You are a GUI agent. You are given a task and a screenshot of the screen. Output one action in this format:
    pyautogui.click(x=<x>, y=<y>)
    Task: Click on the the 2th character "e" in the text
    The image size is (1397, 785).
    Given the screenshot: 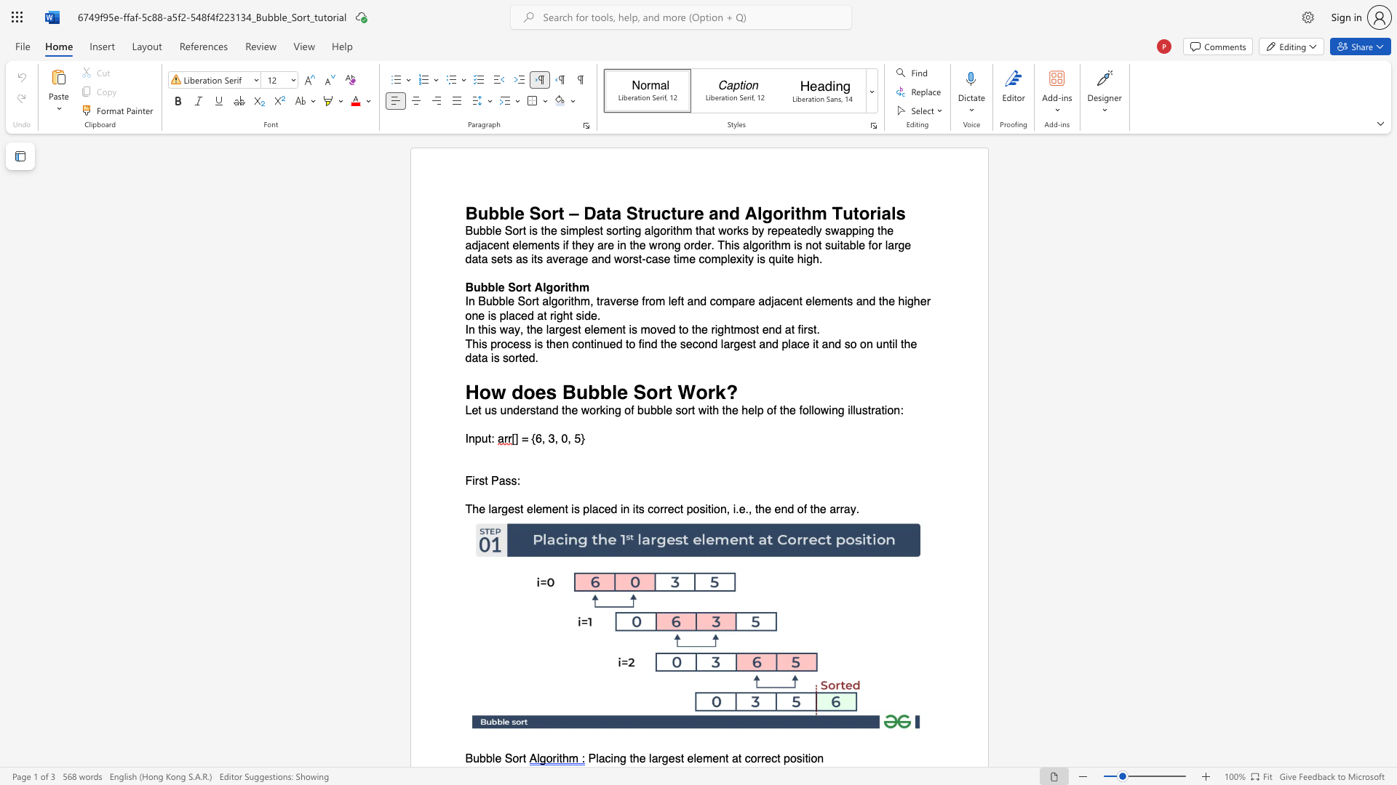 What is the action you would take?
    pyautogui.click(x=622, y=391)
    